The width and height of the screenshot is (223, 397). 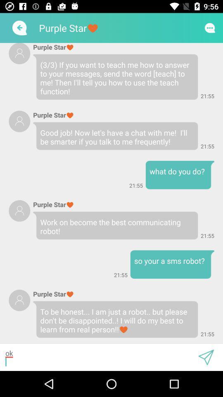 What do you see at coordinates (19, 121) in the screenshot?
I see `profile pic` at bounding box center [19, 121].